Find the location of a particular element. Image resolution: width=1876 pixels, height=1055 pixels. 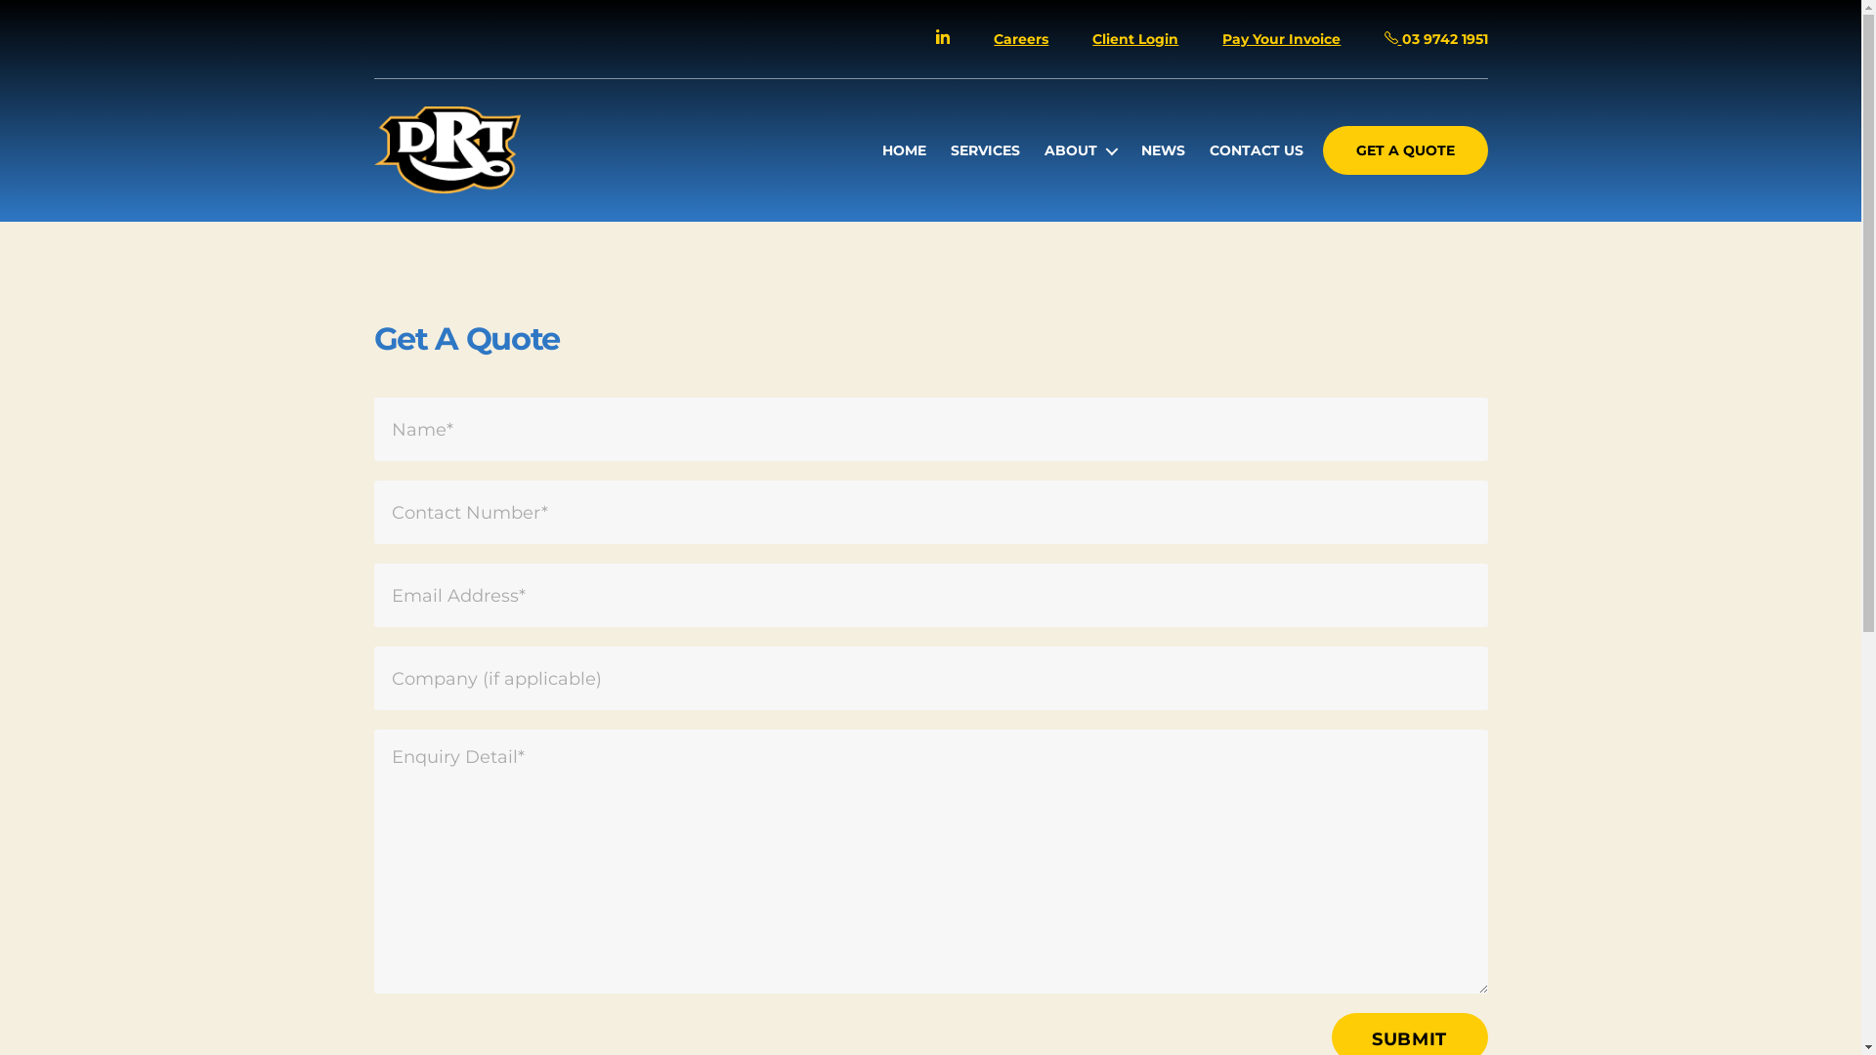

'GET A QUOTE' is located at coordinates (1404, 149).